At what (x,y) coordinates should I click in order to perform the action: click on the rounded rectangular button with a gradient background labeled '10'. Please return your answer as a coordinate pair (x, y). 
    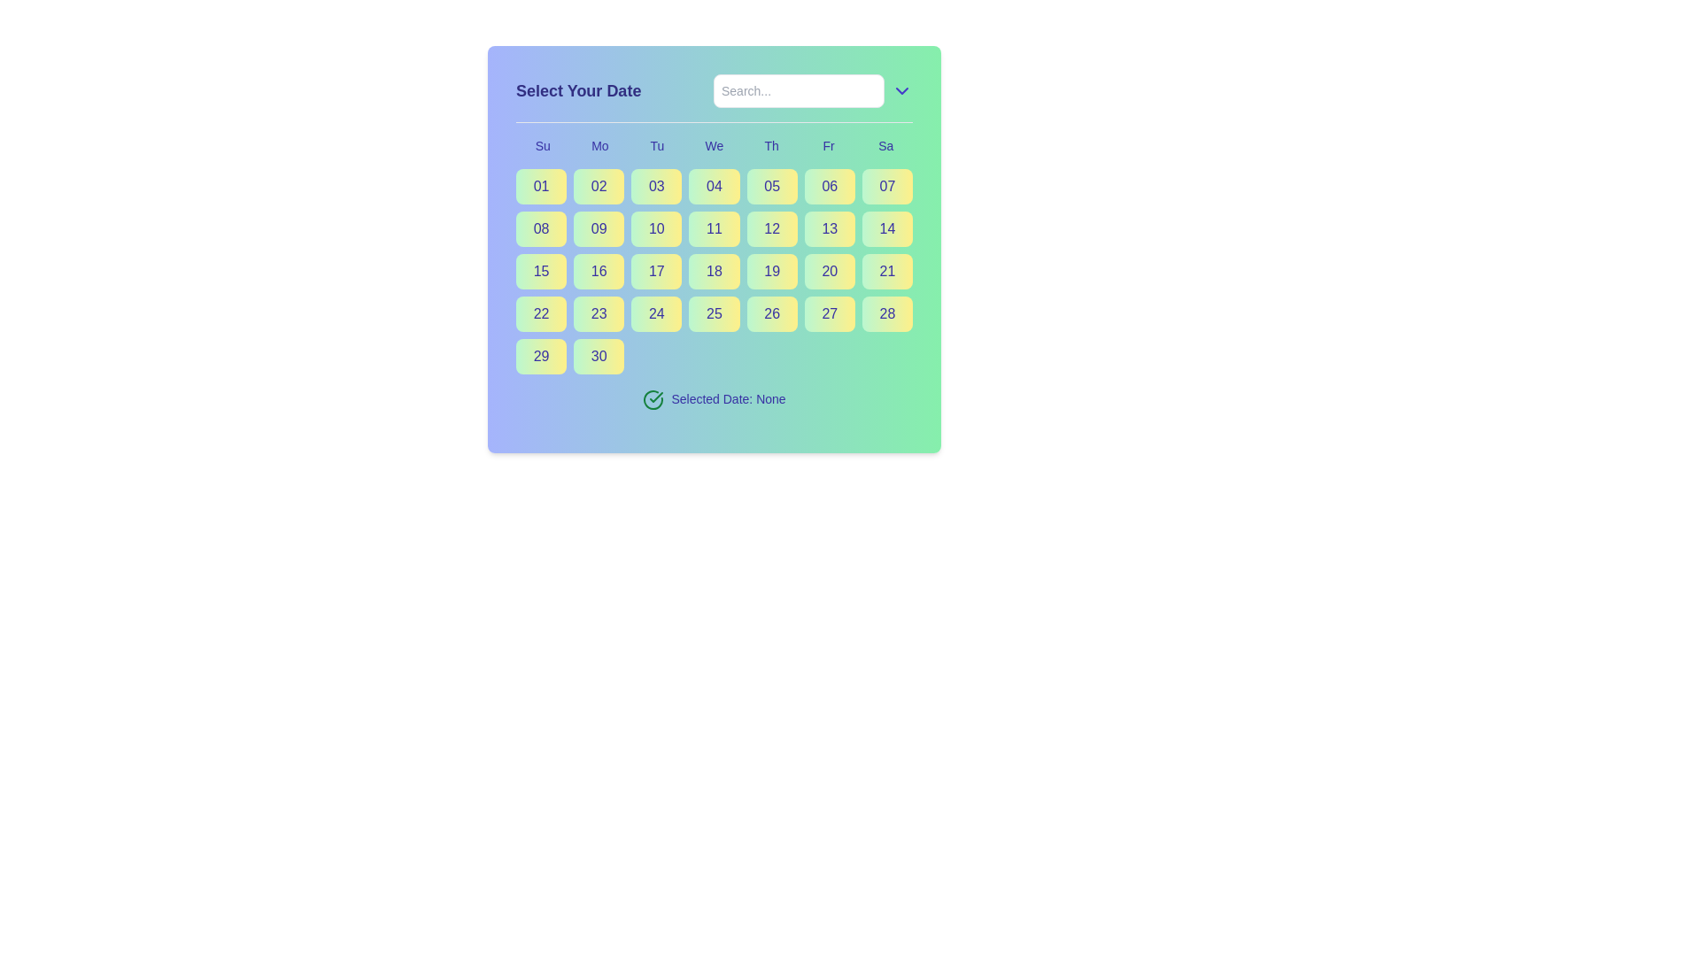
    Looking at the image, I should click on (655, 227).